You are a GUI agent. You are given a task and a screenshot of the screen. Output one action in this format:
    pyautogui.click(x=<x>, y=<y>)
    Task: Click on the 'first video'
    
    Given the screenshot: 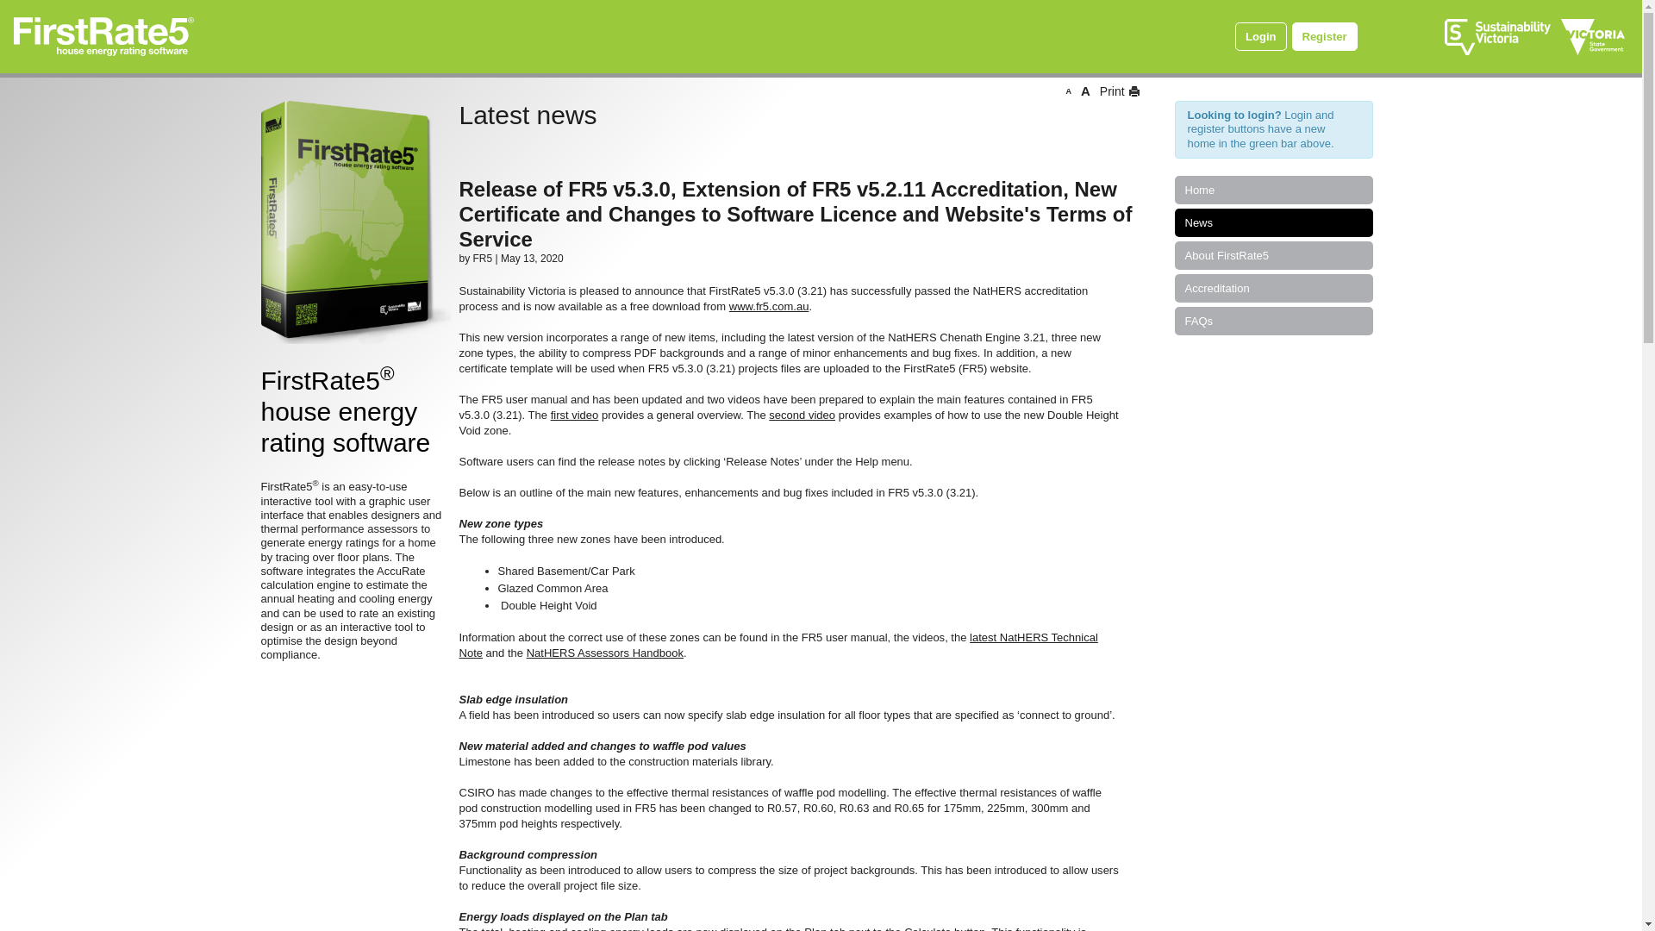 What is the action you would take?
    pyautogui.click(x=575, y=415)
    